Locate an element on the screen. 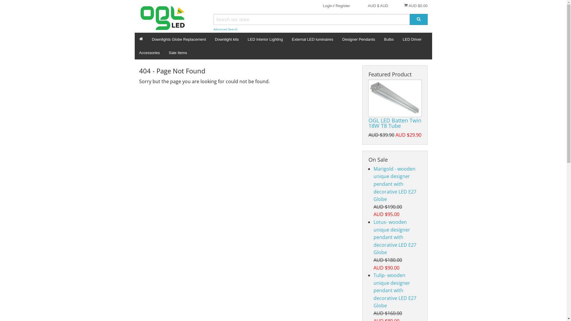  'Register' is located at coordinates (343, 6).